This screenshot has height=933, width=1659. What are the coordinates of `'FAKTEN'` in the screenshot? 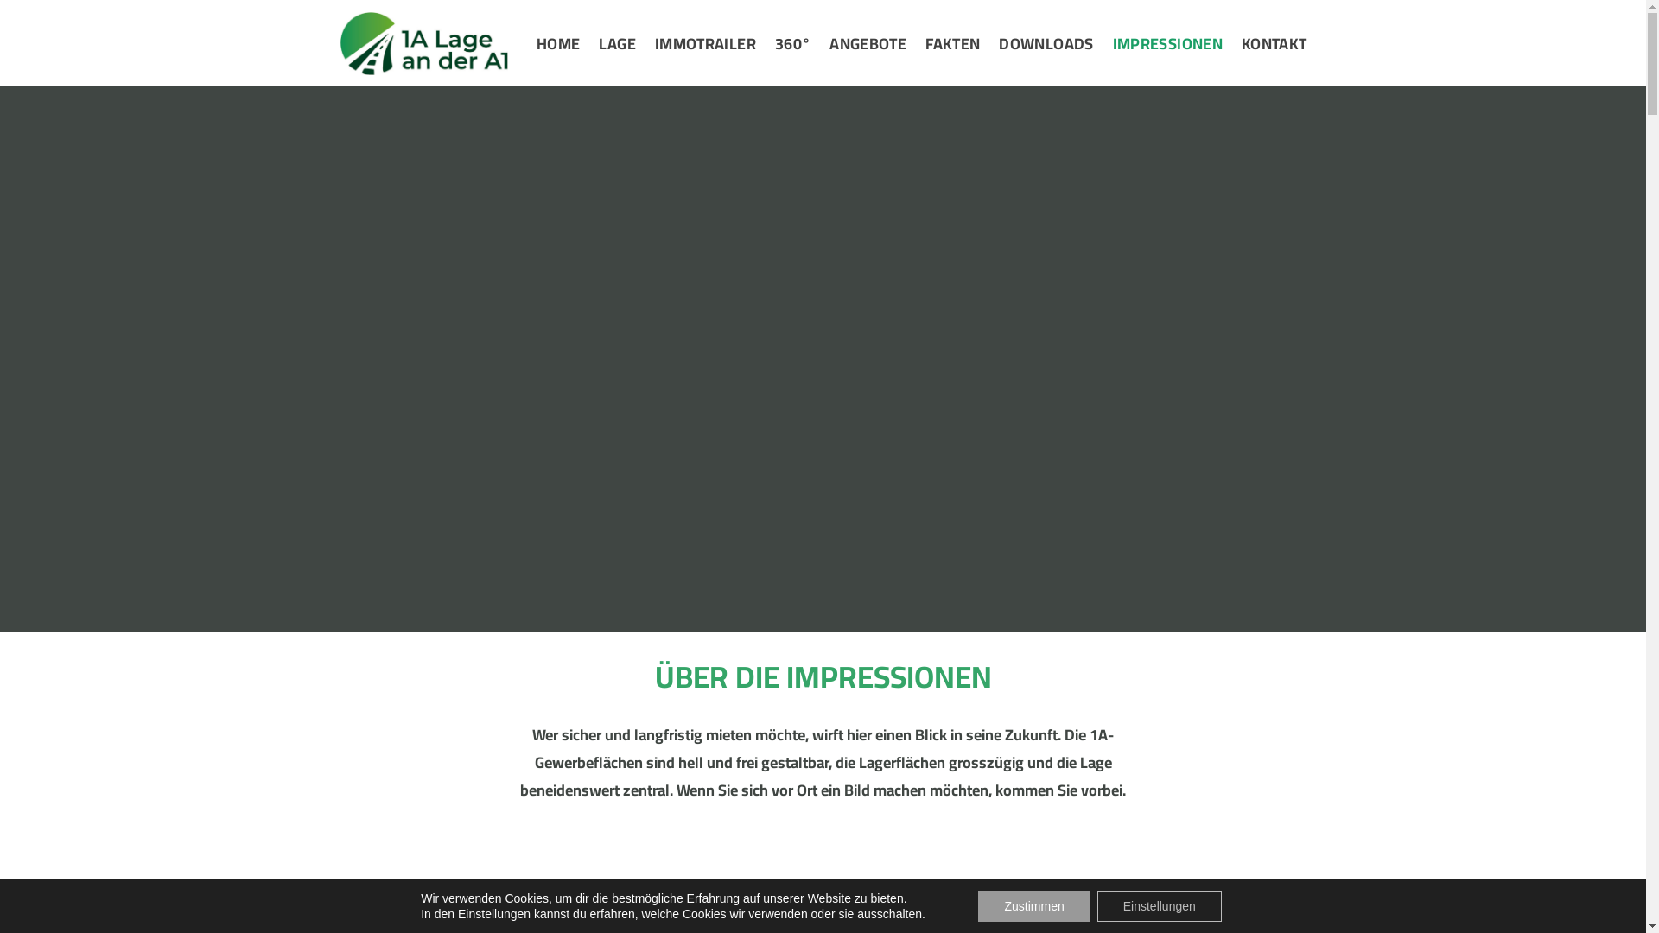 It's located at (951, 42).